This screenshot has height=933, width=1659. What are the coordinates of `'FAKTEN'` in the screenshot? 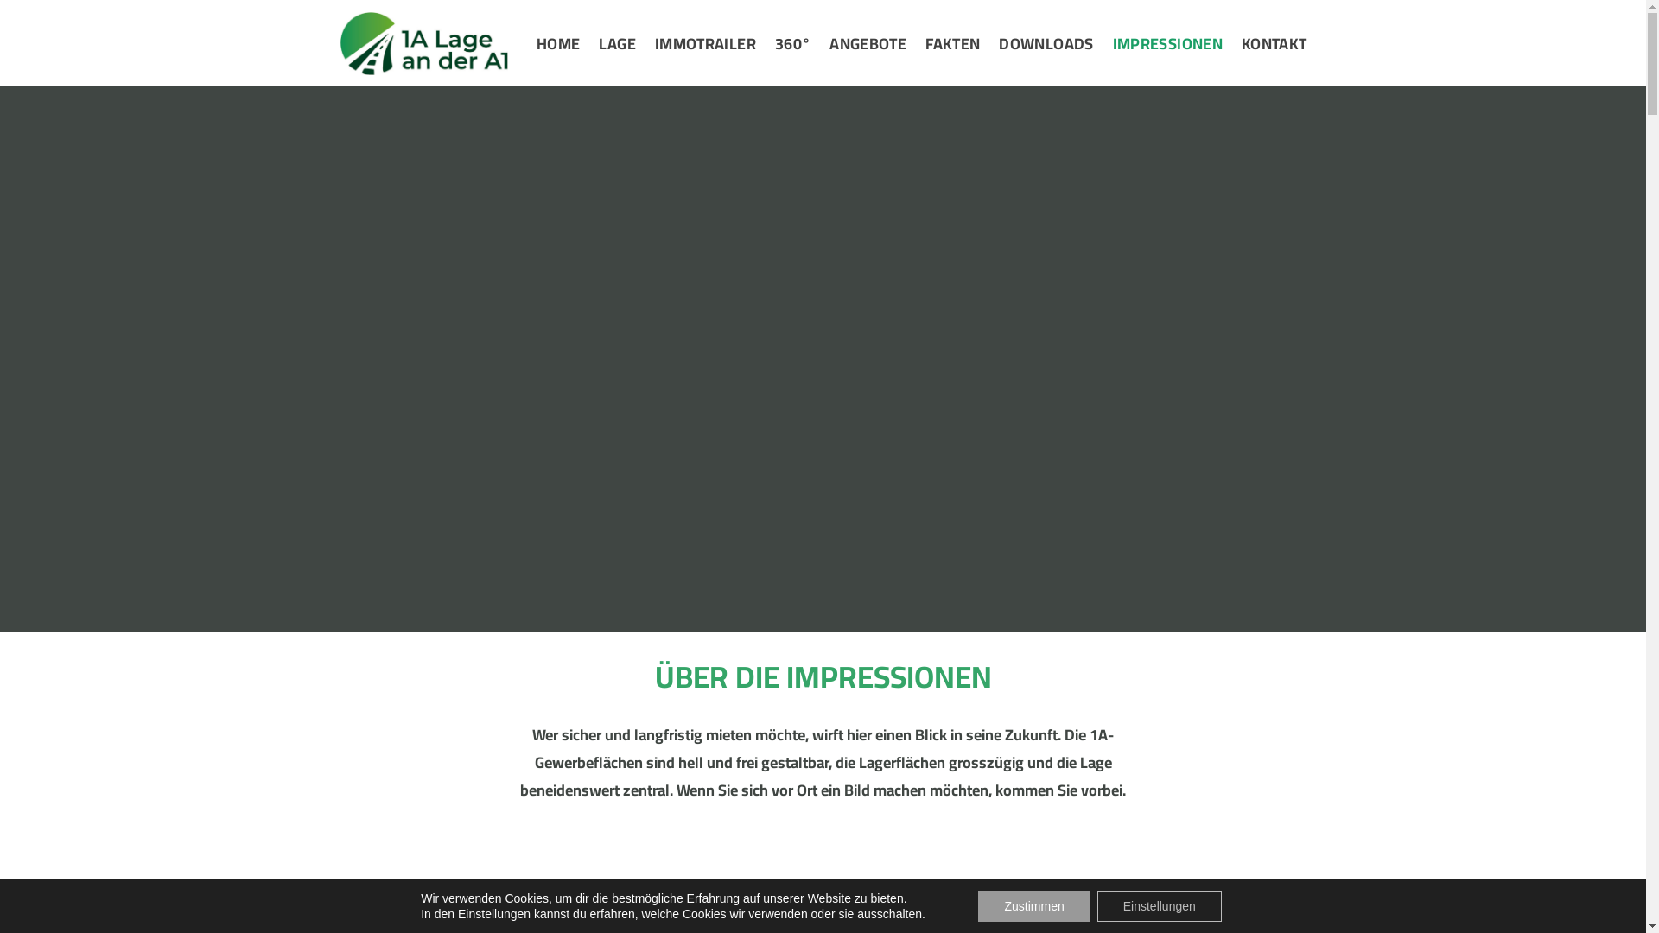 It's located at (951, 42).